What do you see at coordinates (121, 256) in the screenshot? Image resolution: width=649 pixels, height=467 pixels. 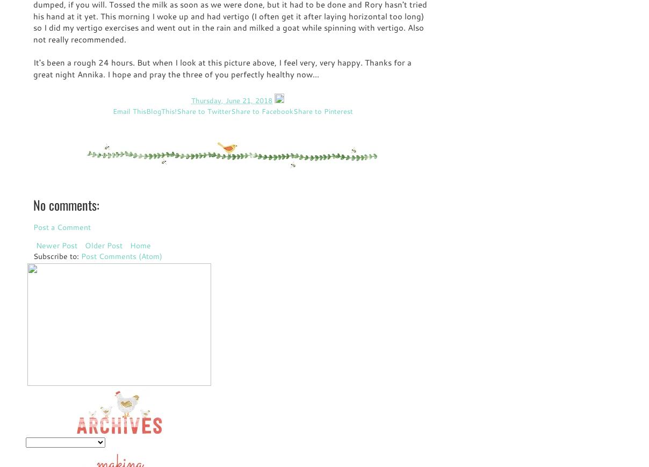 I see `'Post Comments (Atom)'` at bounding box center [121, 256].